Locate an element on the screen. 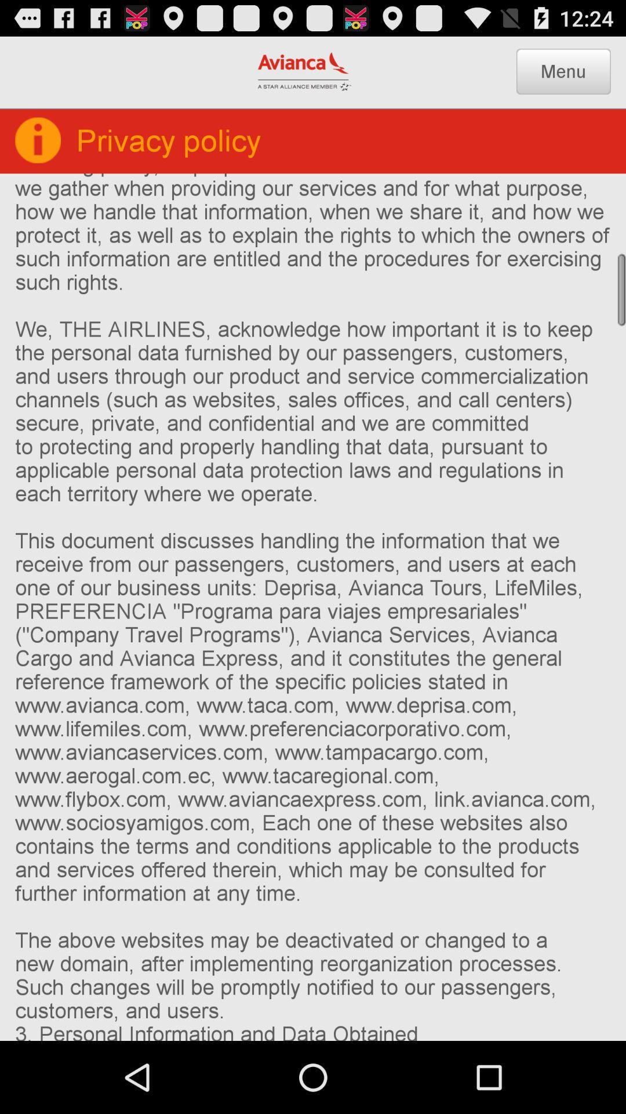 This screenshot has width=626, height=1114. icon at the top right corner is located at coordinates (563, 71).